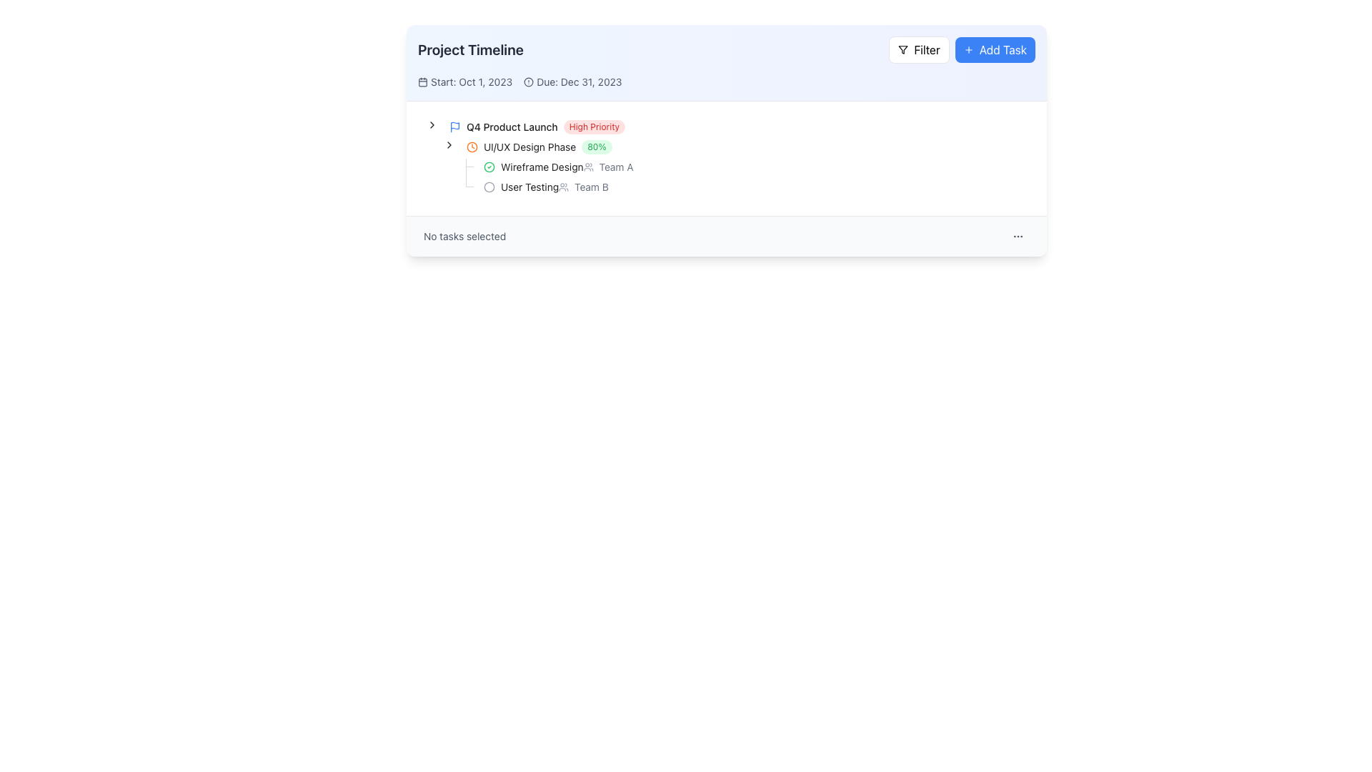 The width and height of the screenshot is (1372, 772). What do you see at coordinates (431, 126) in the screenshot?
I see `the Expand/collapse toggle icon located to the left of the 'Q4 Product Launch High Priority' text` at bounding box center [431, 126].